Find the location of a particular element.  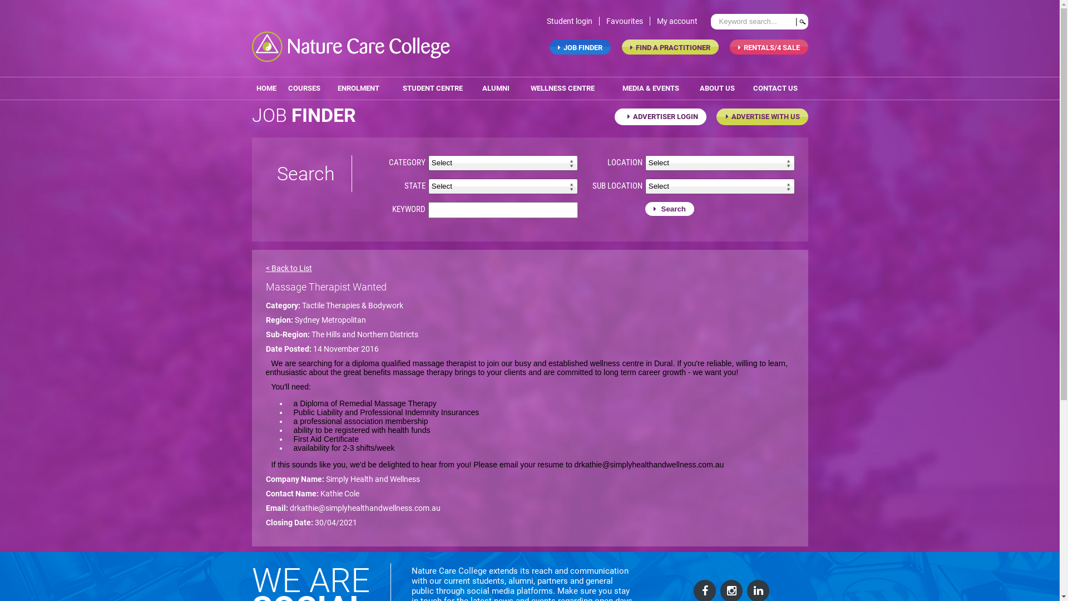

'MEDIA & EVENTS' is located at coordinates (650, 87).